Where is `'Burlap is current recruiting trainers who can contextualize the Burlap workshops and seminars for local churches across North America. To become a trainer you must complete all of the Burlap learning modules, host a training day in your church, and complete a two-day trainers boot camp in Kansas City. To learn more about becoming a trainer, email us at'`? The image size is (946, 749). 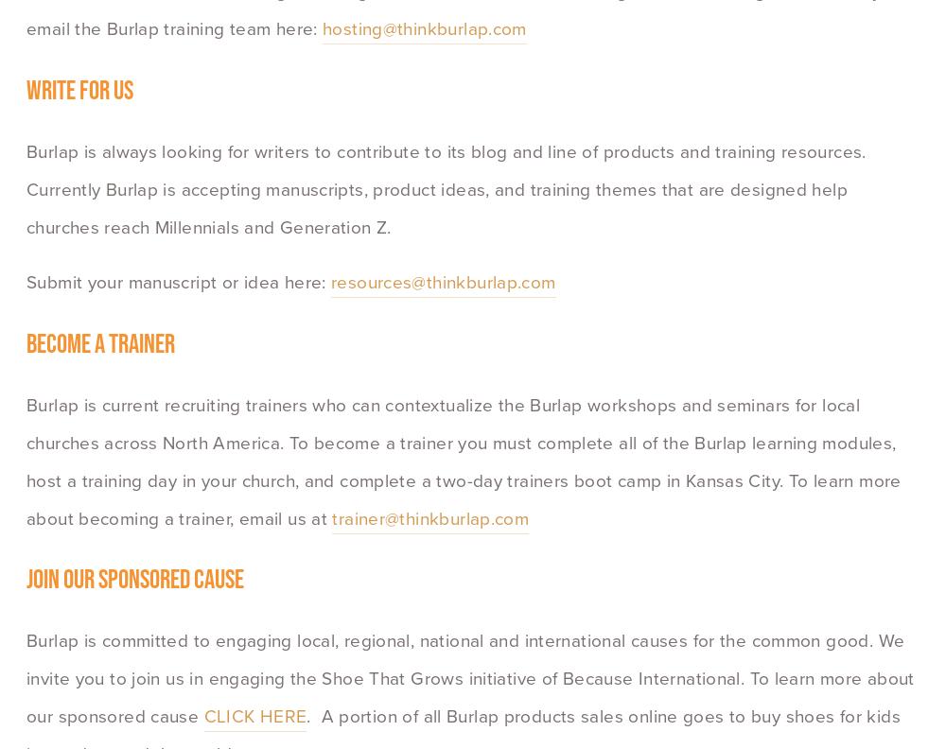
'Burlap is current recruiting trainers who can contextualize the Burlap workshops and seminars for local churches across North America. To become a trainer you must complete all of the Burlap learning modules, host a training day in your church, and complete a two-day trainers boot camp in Kansas City. To learn more about becoming a trainer, email us at' is located at coordinates (465, 461).